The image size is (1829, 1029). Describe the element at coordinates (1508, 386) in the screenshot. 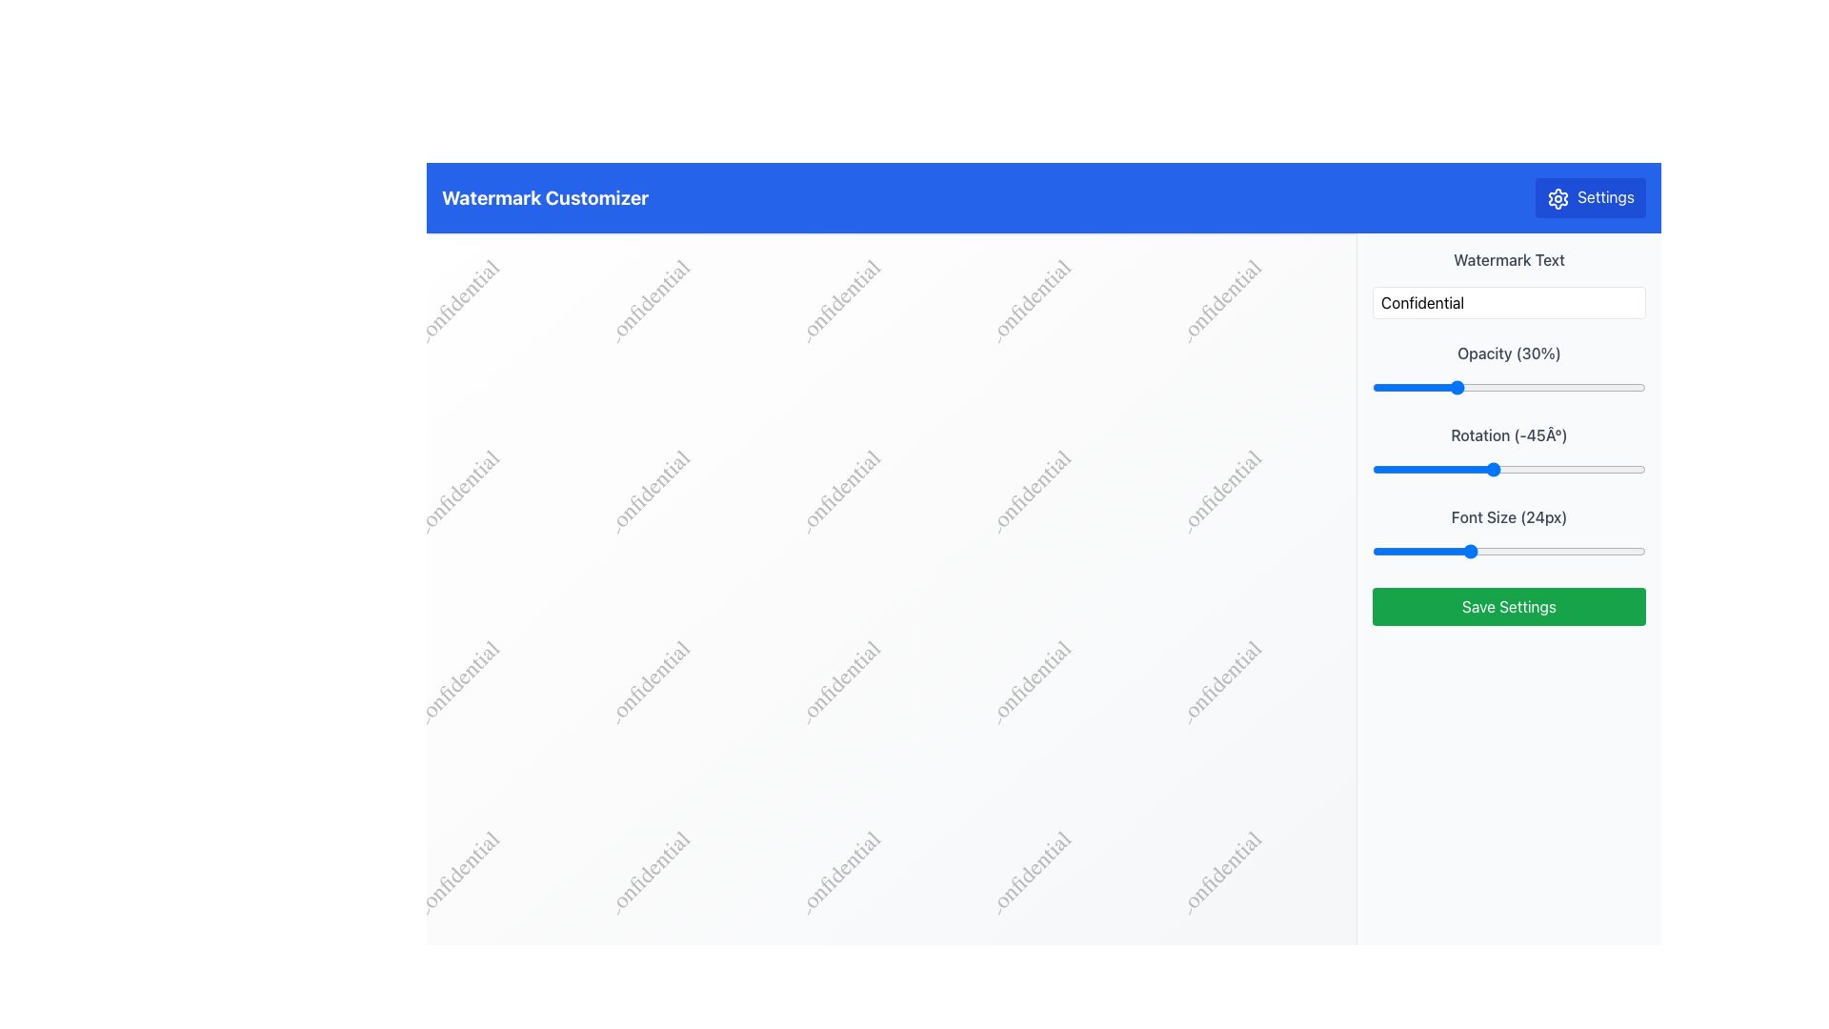

I see `the handle of the opacity slider located in the right-side panel under the label 'Opacity (30%)'` at that location.